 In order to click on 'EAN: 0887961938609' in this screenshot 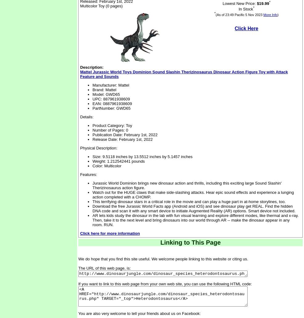, I will do `click(112, 104)`.